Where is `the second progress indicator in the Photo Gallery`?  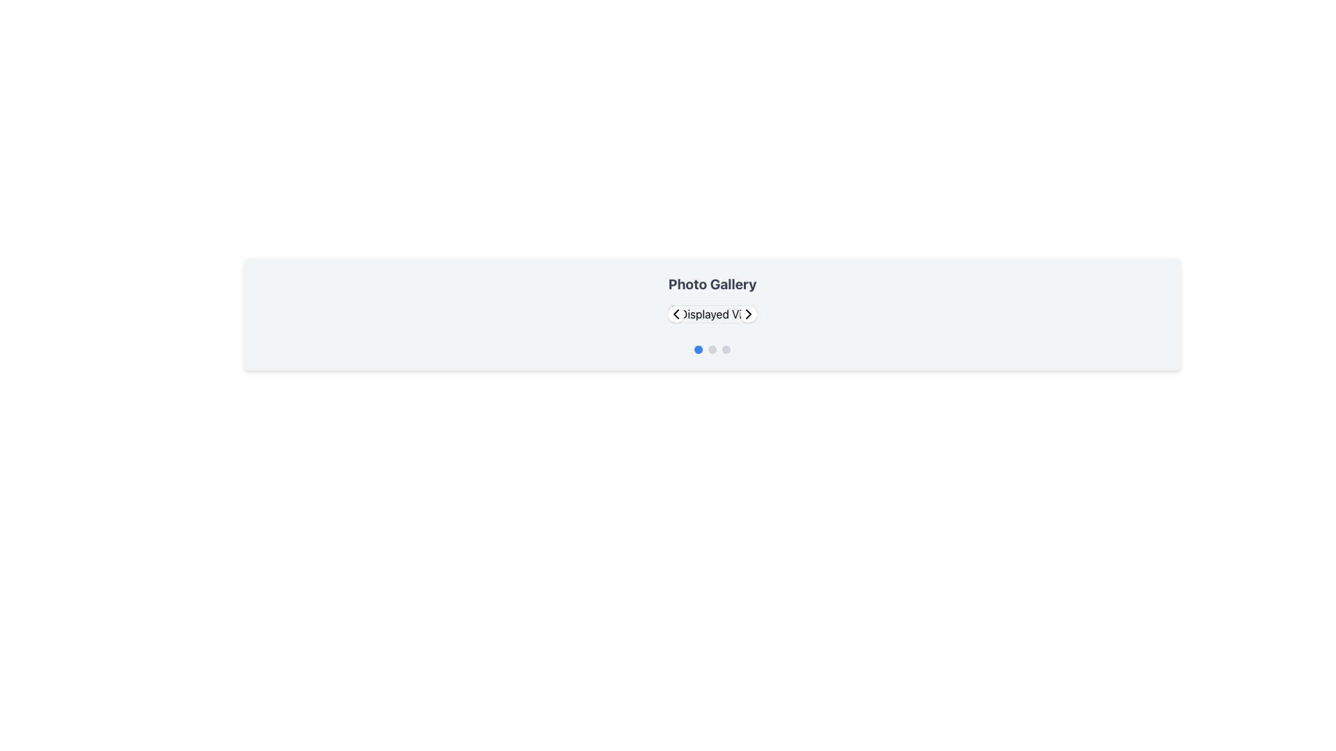
the second progress indicator in the Photo Gallery is located at coordinates (712, 348).